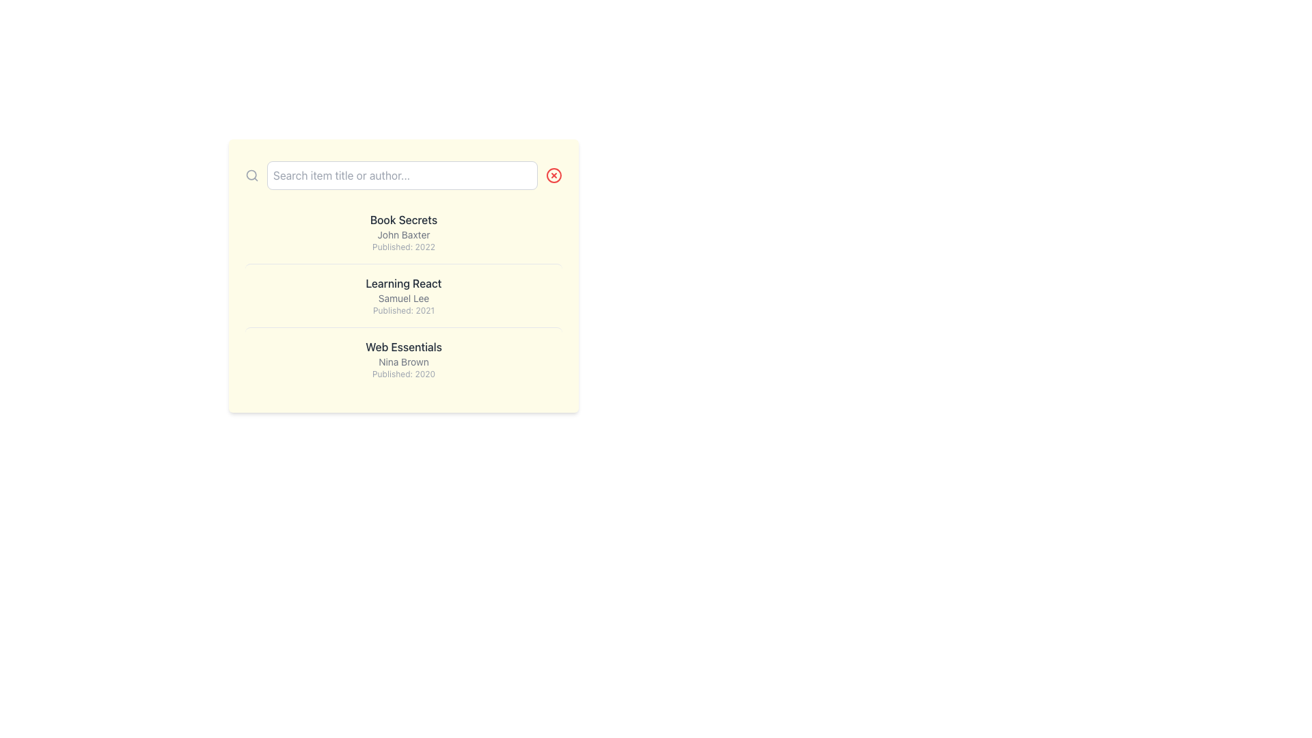 The width and height of the screenshot is (1312, 738). What do you see at coordinates (402, 358) in the screenshot?
I see `the selectable card displaying 'Web Essentials' which is the third card in the dropdown list` at bounding box center [402, 358].